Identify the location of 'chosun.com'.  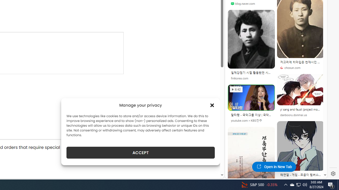
(301, 68).